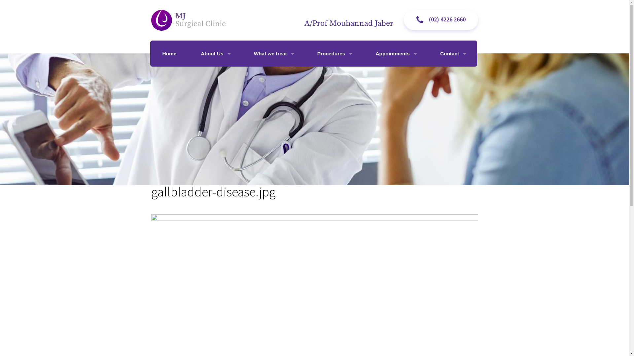 This screenshot has height=356, width=634. What do you see at coordinates (428, 53) in the screenshot?
I see `'Contact'` at bounding box center [428, 53].